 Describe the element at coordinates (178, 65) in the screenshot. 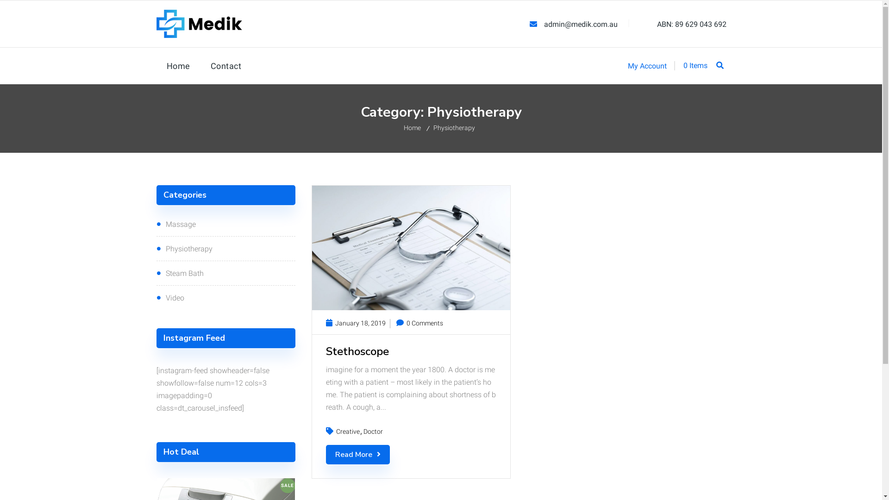

I see `'Home'` at that location.